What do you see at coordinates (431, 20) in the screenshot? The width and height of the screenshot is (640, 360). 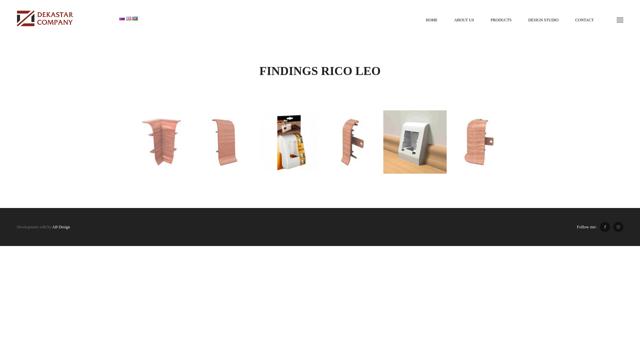 I see `'HOME'` at bounding box center [431, 20].